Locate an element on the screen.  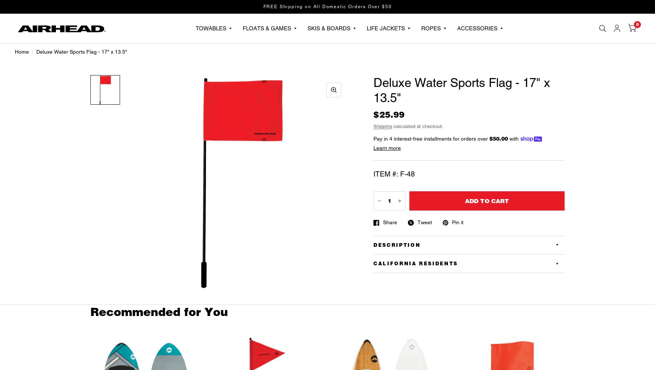
'Pin it' is located at coordinates (458, 222).